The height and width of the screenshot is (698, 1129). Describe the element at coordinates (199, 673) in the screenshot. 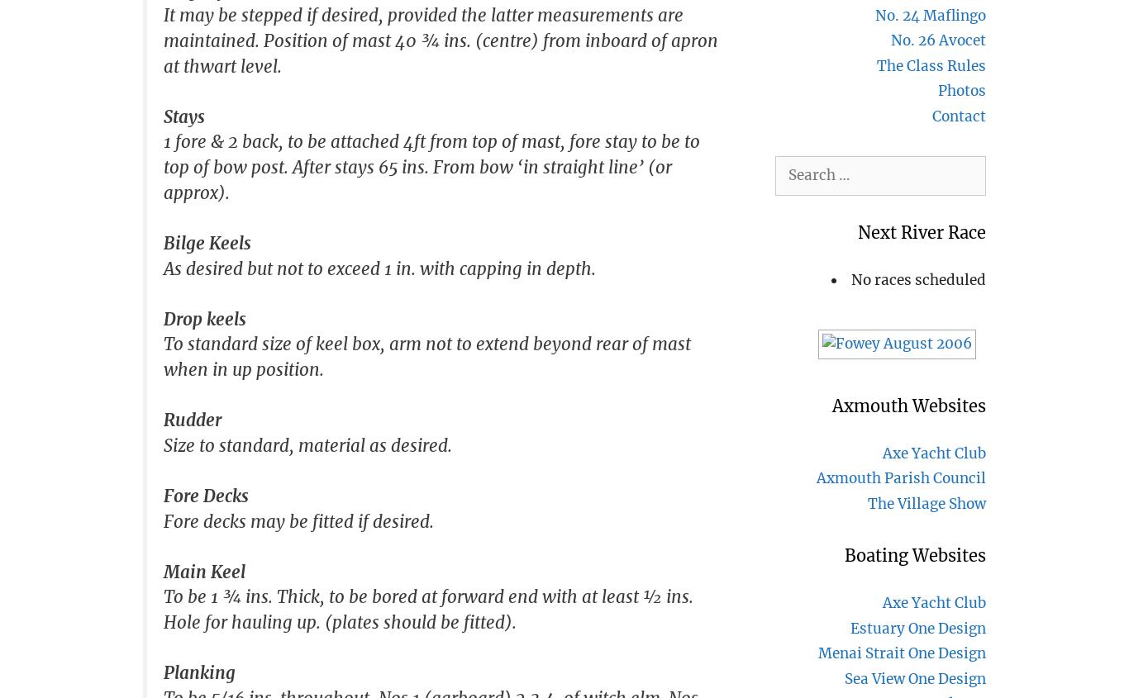

I see `'Planking'` at that location.